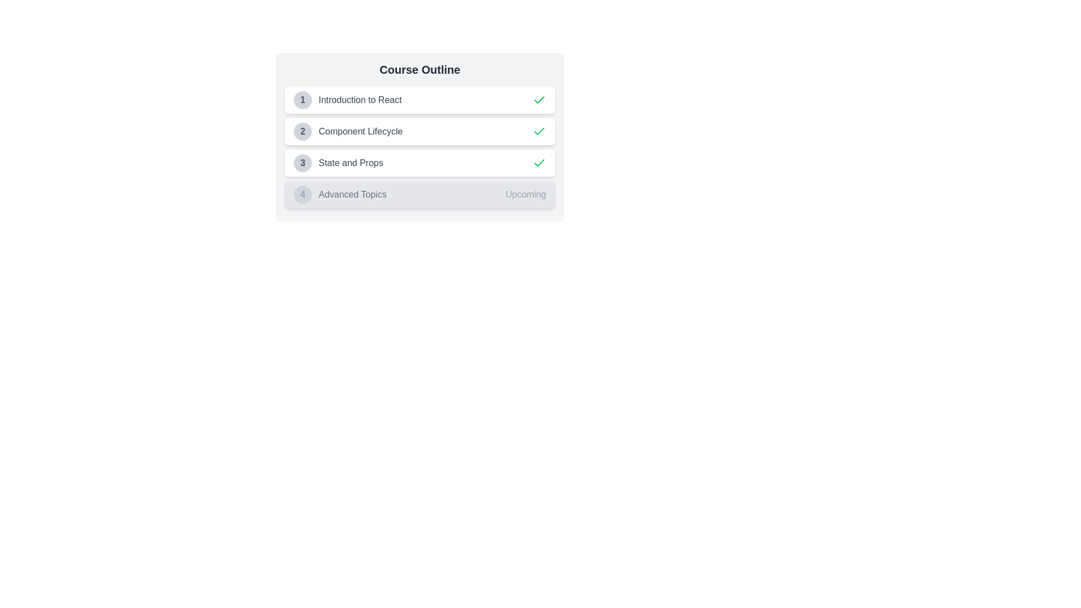  What do you see at coordinates (360, 131) in the screenshot?
I see `the text label displaying 'Component Lifecycle' which is styled with a gray font color and is the second item in the 'Course Outline' section` at bounding box center [360, 131].